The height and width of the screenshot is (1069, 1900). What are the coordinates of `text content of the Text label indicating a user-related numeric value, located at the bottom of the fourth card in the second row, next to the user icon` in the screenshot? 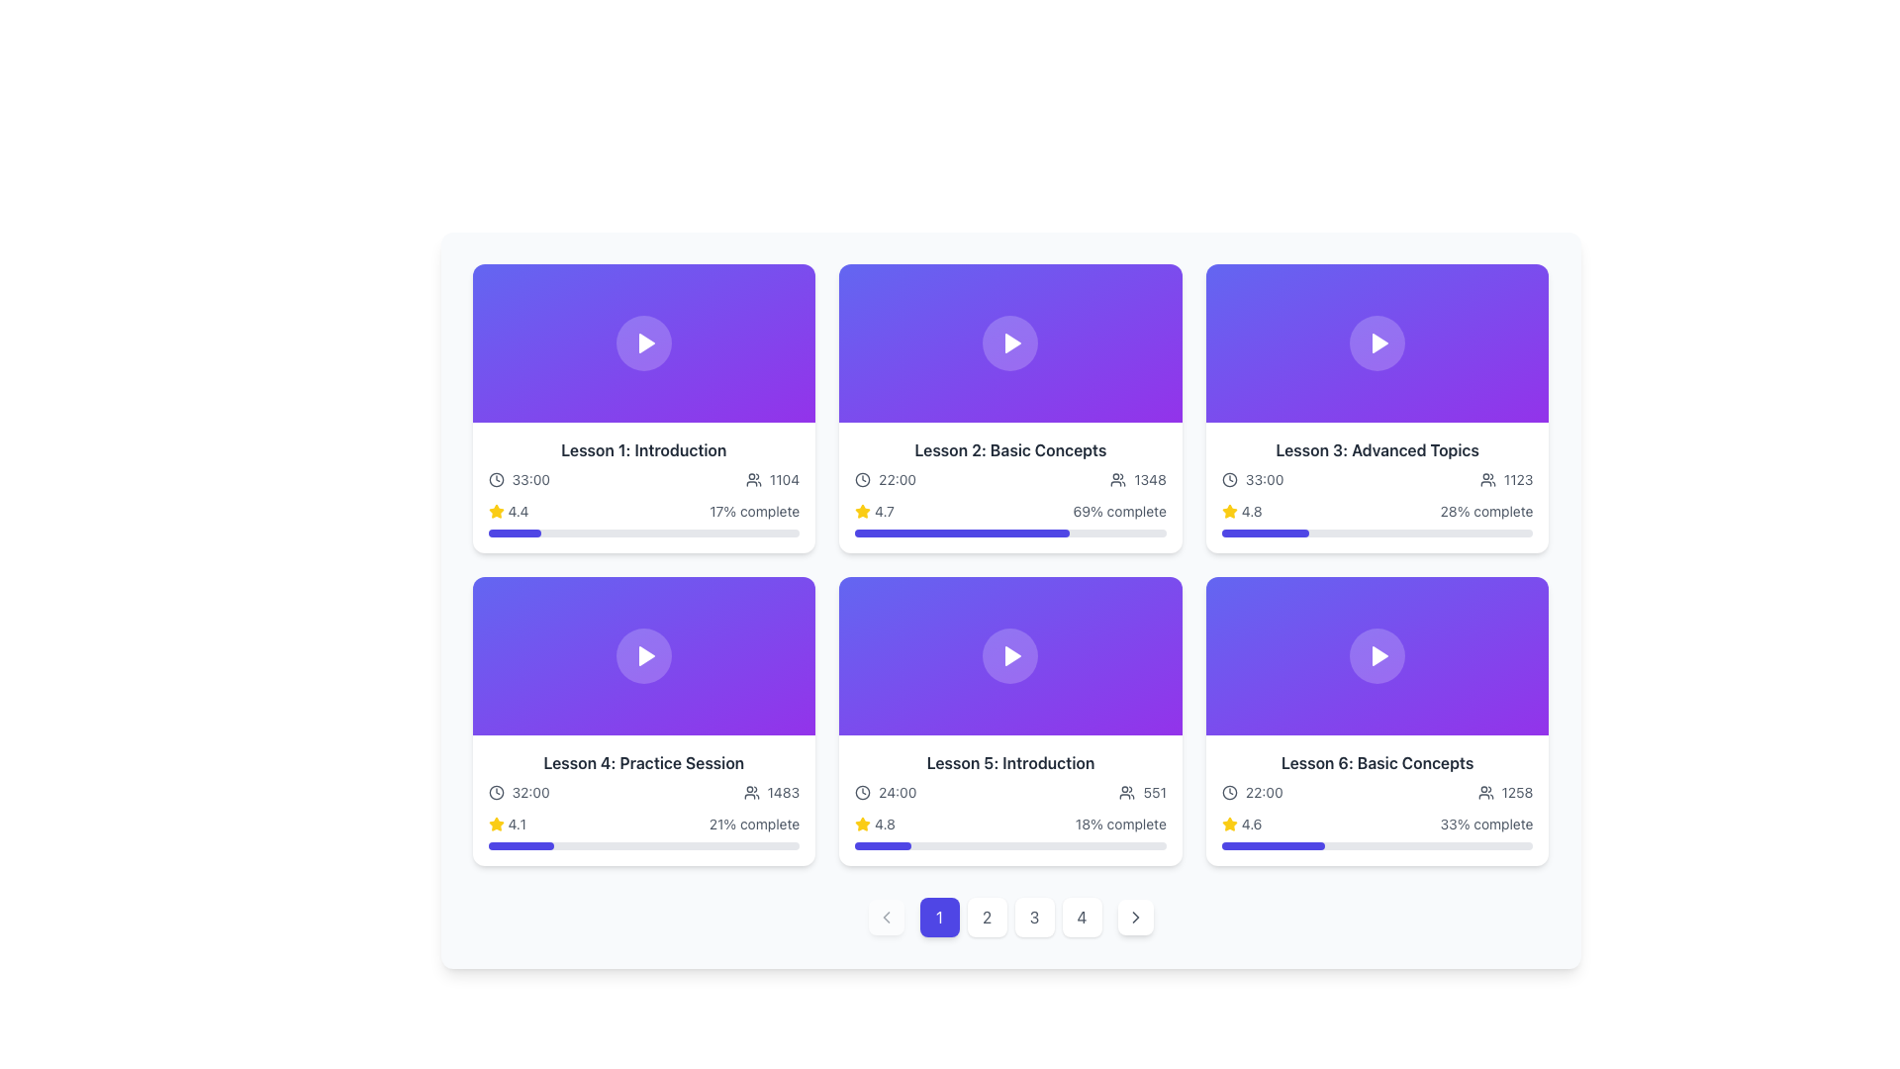 It's located at (782, 792).